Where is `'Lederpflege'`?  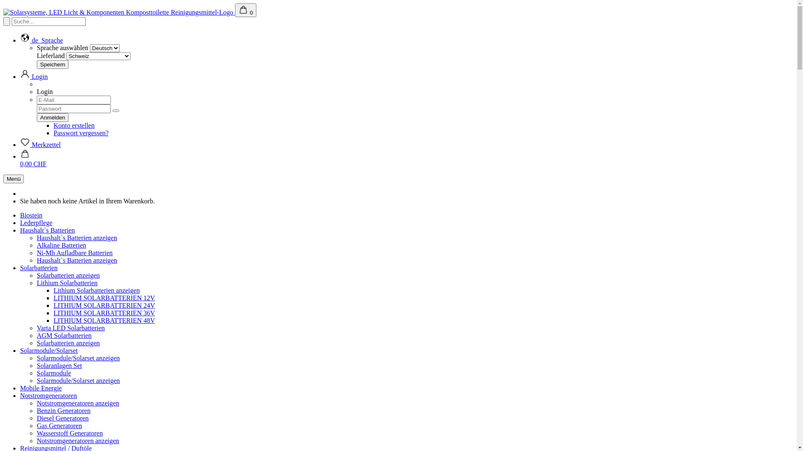 'Lederpflege' is located at coordinates (36, 222).